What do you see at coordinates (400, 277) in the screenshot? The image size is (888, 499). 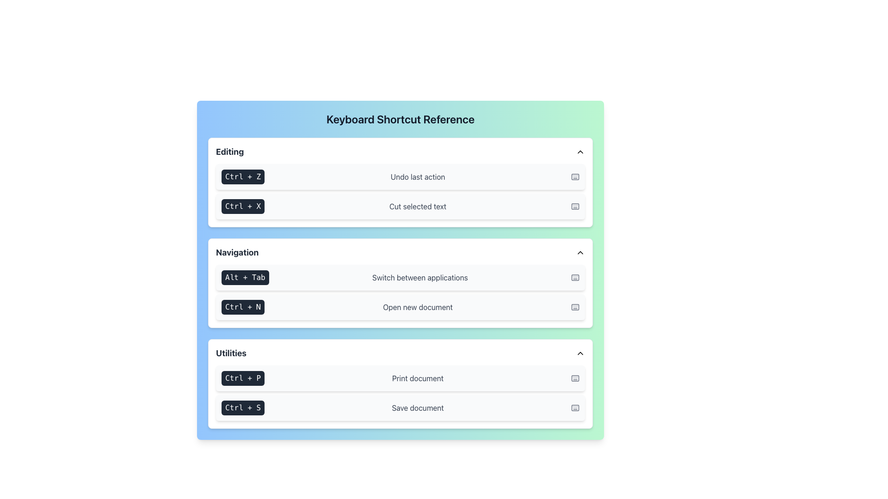 I see `the first Informational list item under the 'Navigation' category that displays the keyboard shortcut 'Alt + Tab' and its description 'Switch between applications'` at bounding box center [400, 277].